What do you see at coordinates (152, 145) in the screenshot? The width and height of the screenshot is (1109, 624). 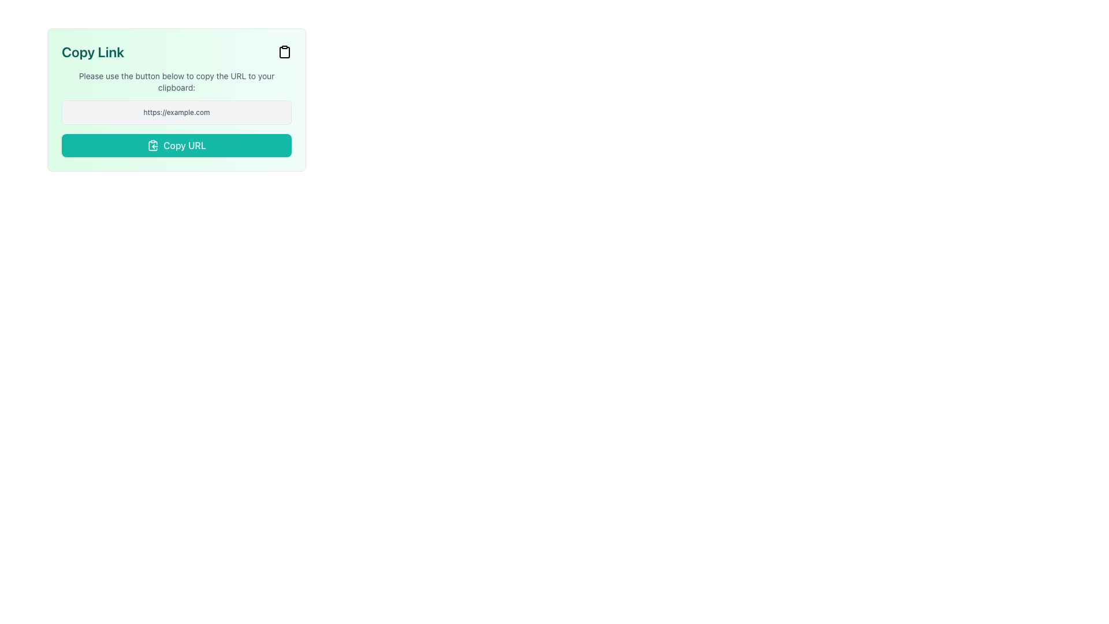 I see `the clipboard icon located to the right of the 'Copy Link' text header in the top-left region of the interface` at bounding box center [152, 145].